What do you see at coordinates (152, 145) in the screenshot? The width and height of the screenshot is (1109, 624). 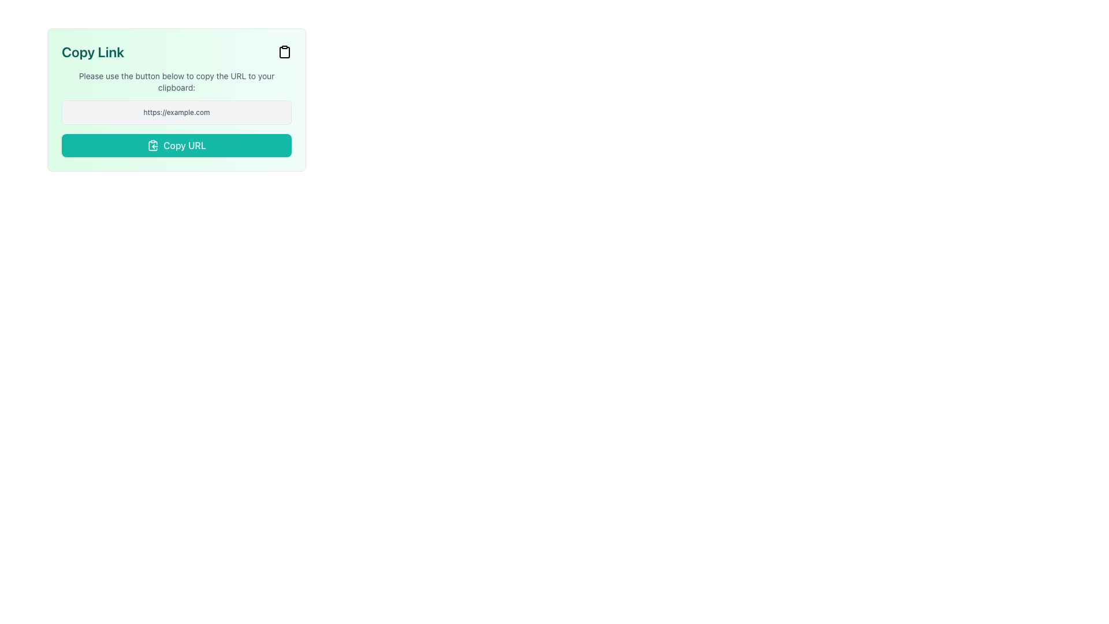 I see `the clipboard icon located to the right of the 'Copy Link' text header in the top-left region of the interface` at bounding box center [152, 145].